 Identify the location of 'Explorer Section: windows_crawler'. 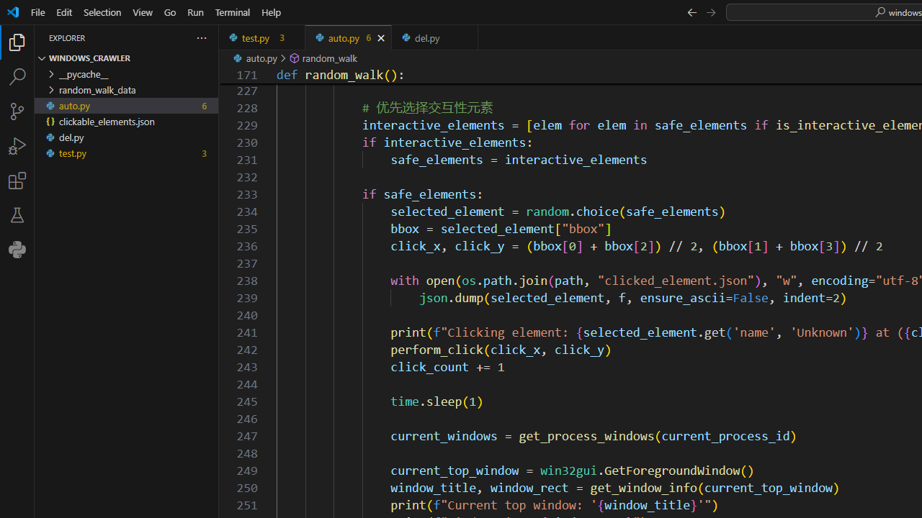
(127, 58).